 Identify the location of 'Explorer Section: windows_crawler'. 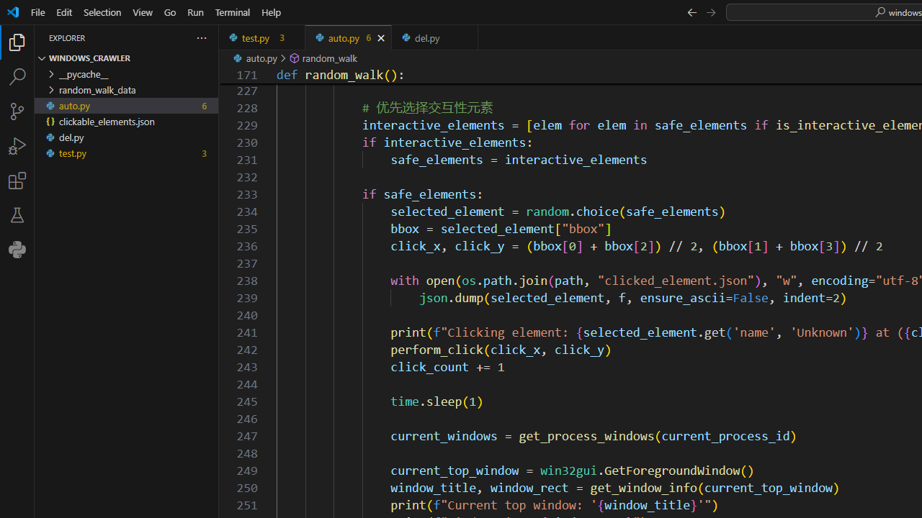
(127, 58).